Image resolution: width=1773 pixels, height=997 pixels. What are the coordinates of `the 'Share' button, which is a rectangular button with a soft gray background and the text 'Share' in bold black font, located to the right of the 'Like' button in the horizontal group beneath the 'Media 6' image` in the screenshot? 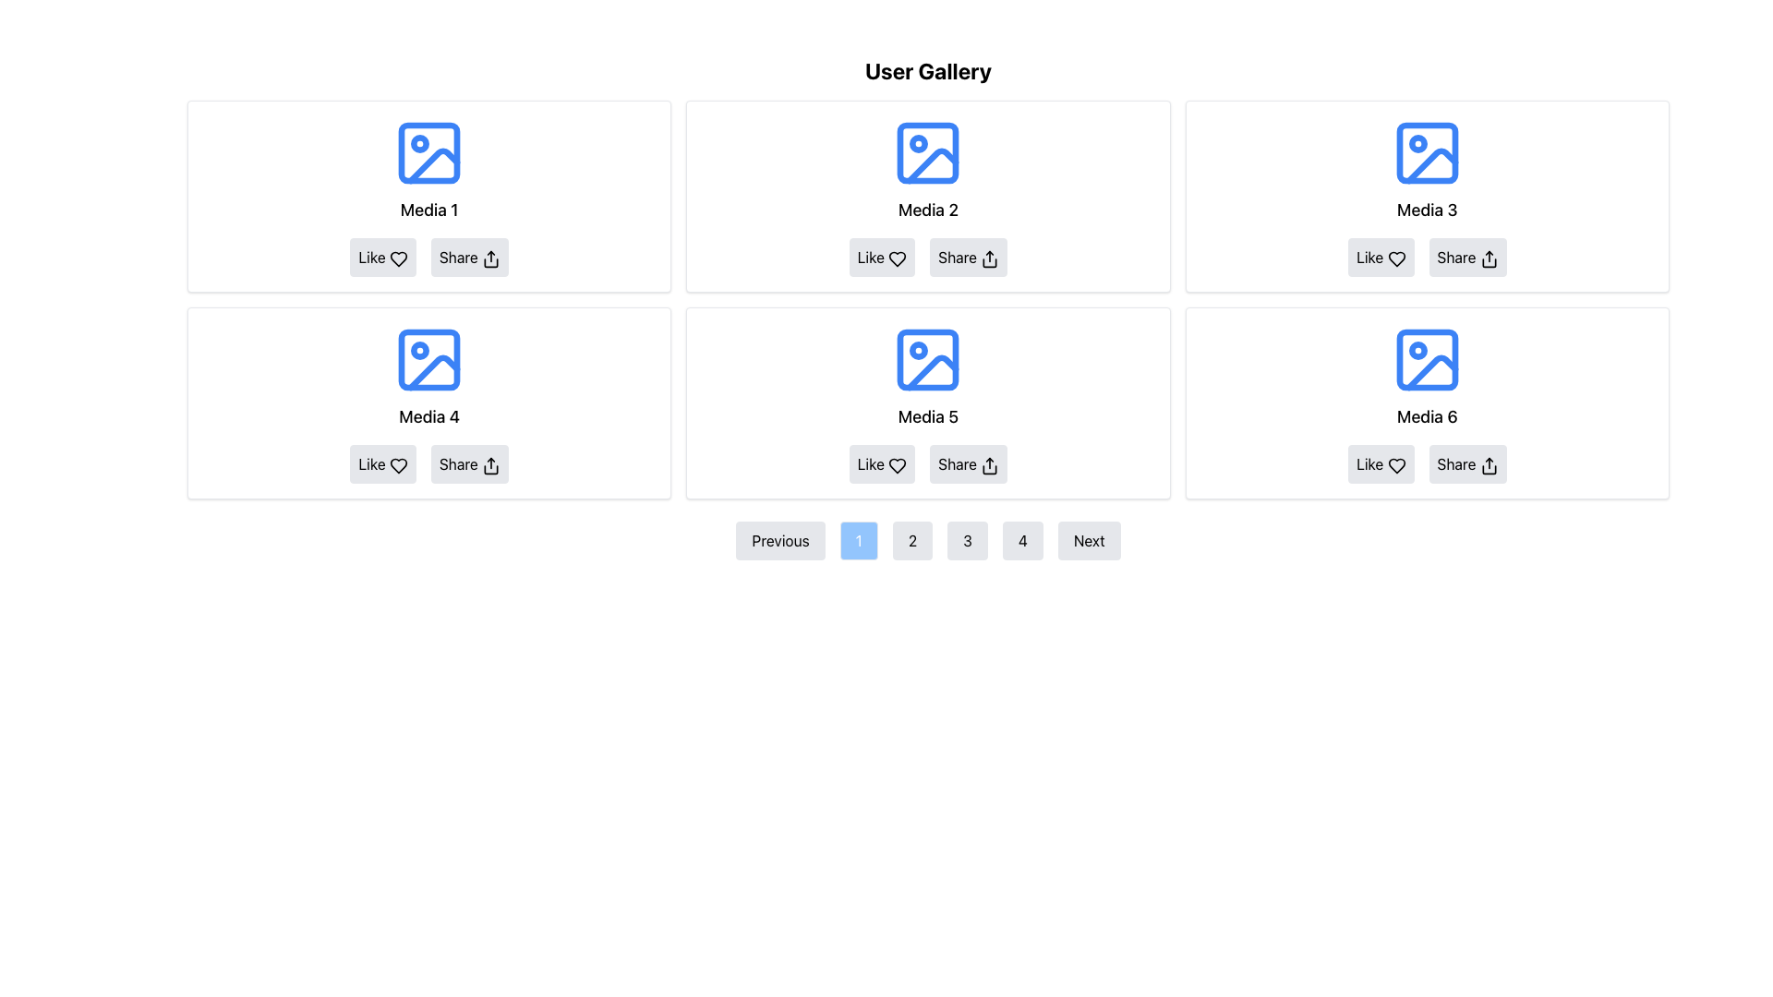 It's located at (1466, 462).